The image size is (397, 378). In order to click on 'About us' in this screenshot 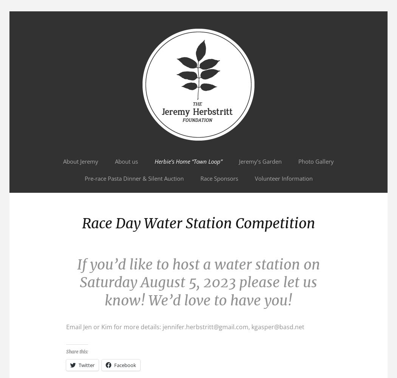, I will do `click(126, 161)`.